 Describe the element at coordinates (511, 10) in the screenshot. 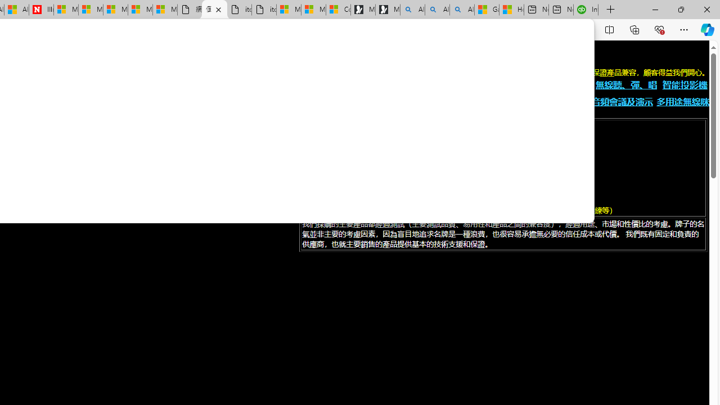

I see `'How to Use a TV as a Computer Monitor'` at that location.